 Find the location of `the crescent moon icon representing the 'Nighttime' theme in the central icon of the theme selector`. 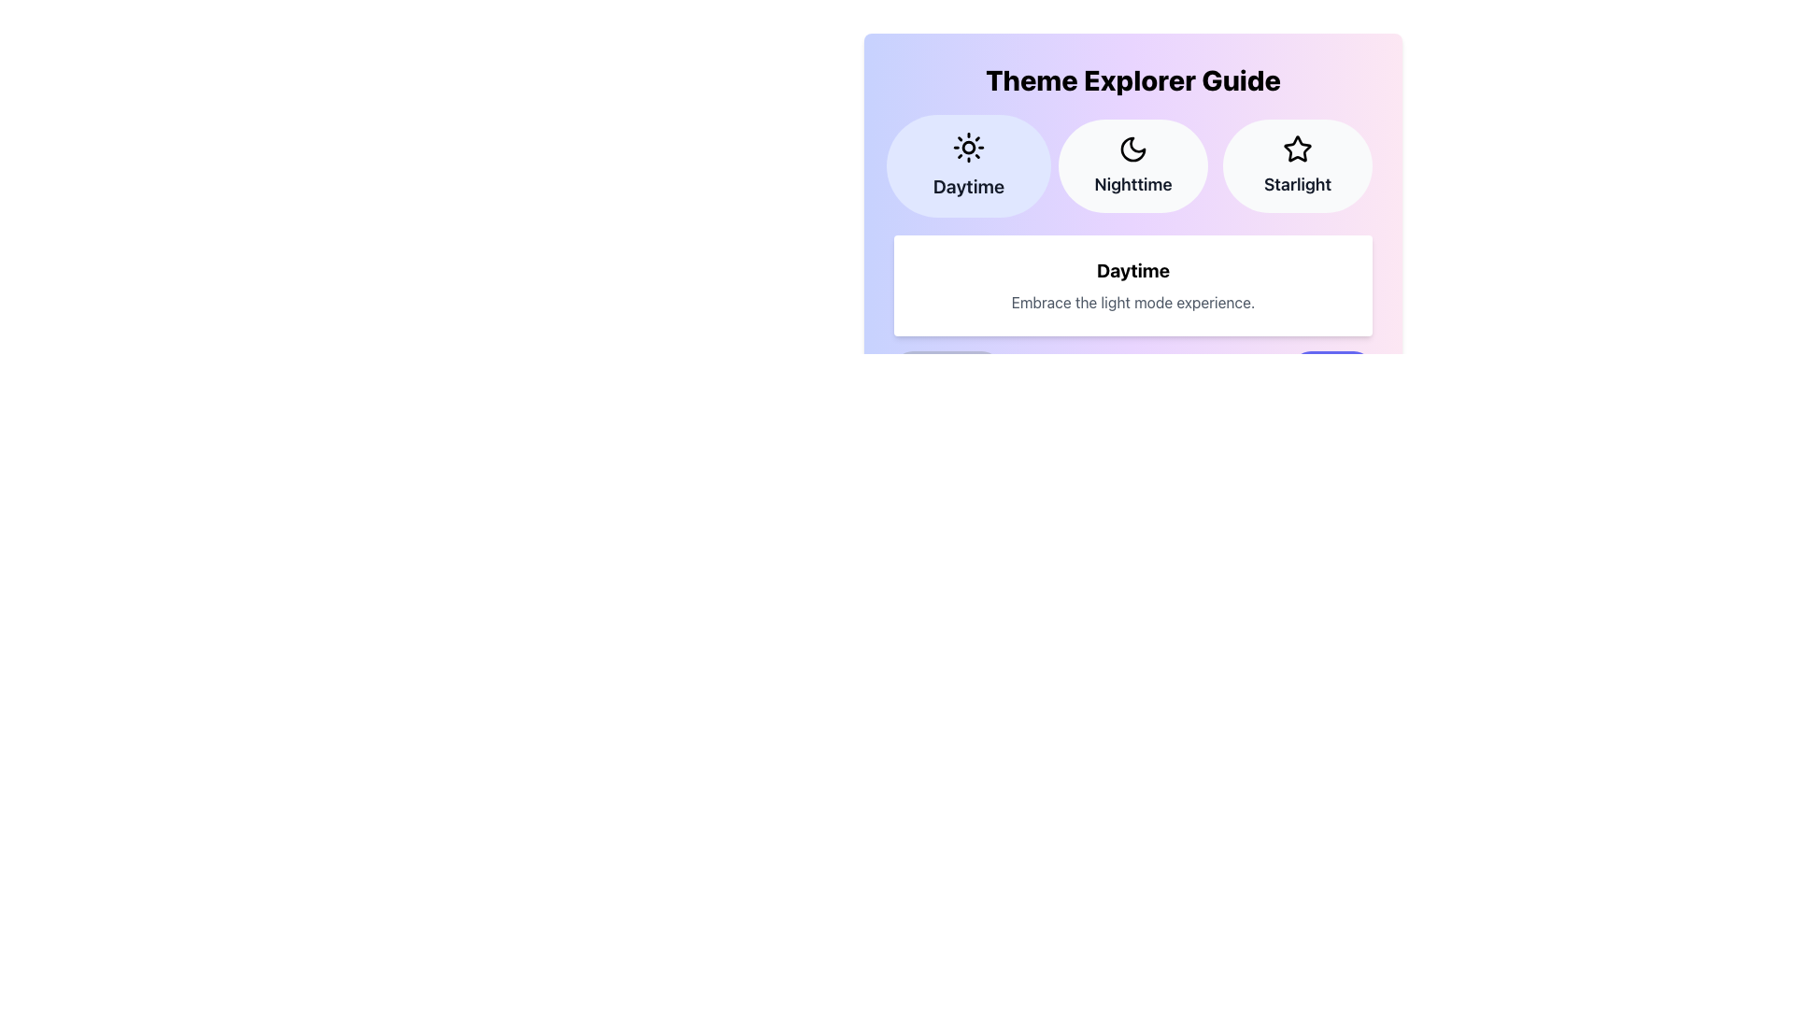

the crescent moon icon representing the 'Nighttime' theme in the central icon of the theme selector is located at coordinates (1132, 148).